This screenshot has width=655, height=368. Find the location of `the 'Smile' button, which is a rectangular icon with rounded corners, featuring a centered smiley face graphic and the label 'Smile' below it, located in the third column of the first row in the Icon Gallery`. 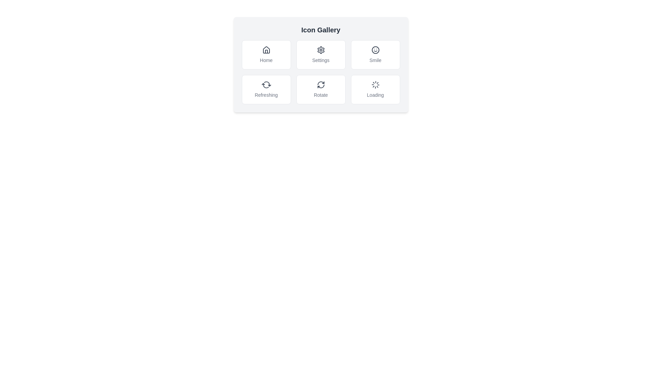

the 'Smile' button, which is a rectangular icon with rounded corners, featuring a centered smiley face graphic and the label 'Smile' below it, located in the third column of the first row in the Icon Gallery is located at coordinates (375, 55).